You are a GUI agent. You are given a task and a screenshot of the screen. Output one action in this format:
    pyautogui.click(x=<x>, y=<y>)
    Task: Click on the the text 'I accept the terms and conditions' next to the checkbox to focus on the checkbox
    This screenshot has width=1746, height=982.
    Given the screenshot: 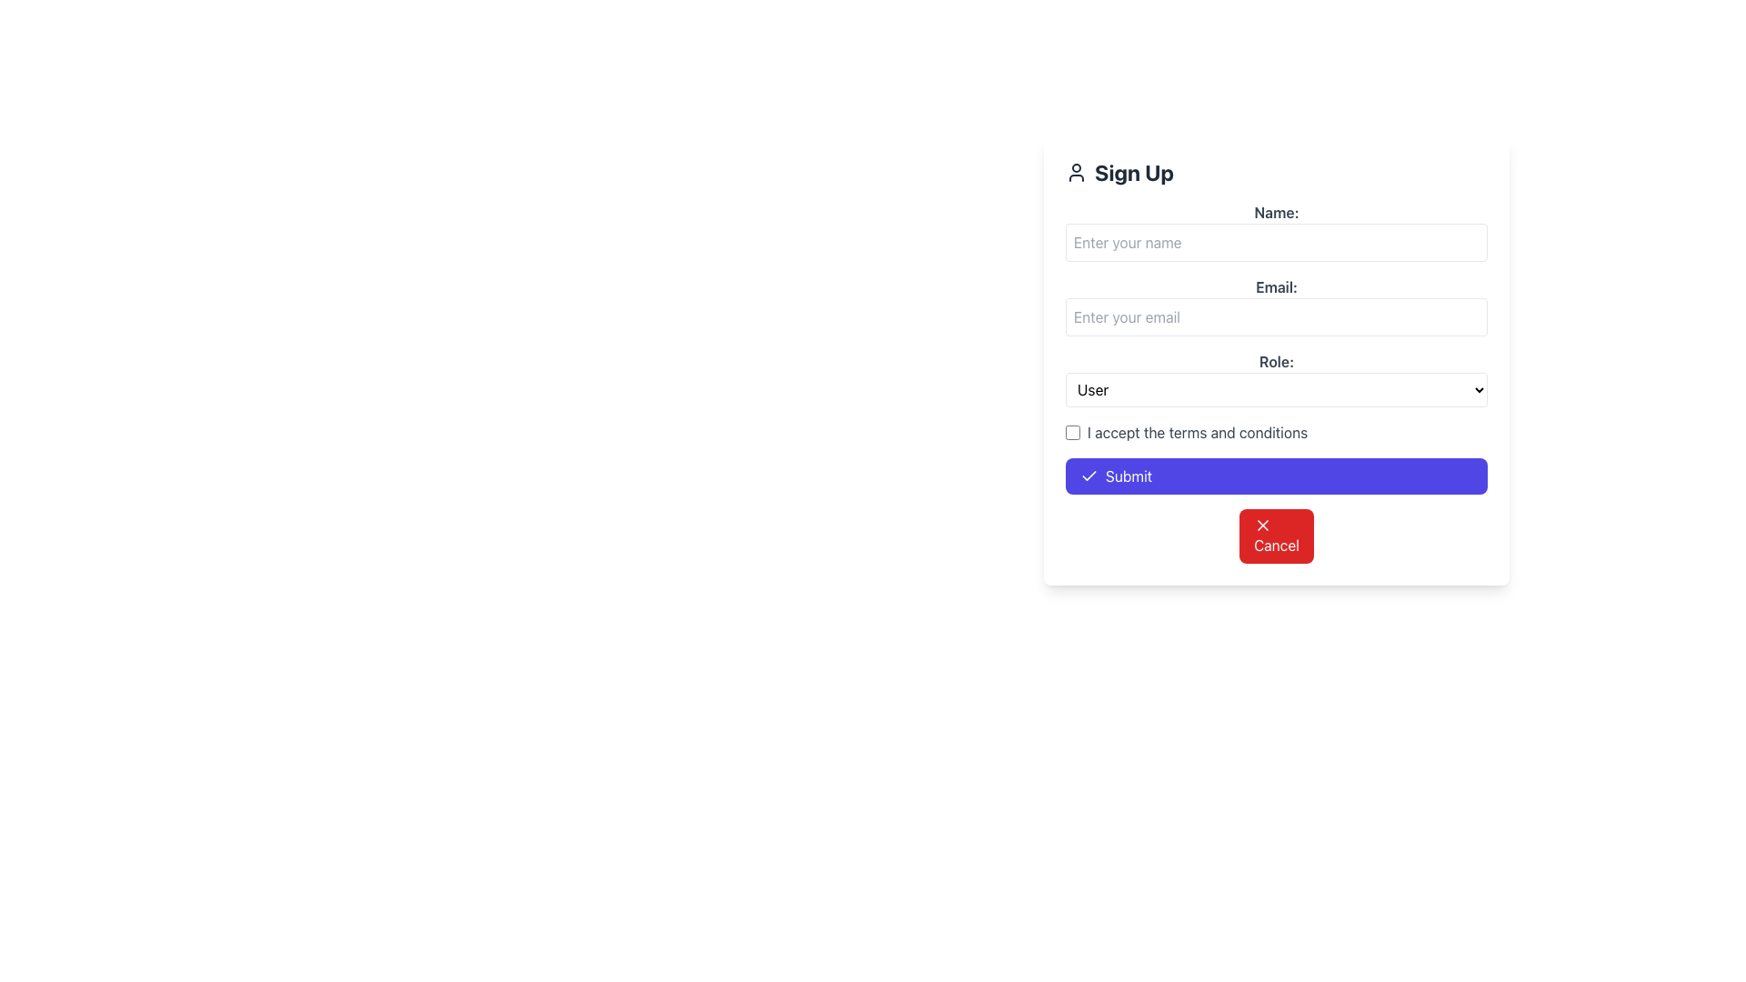 What is the action you would take?
    pyautogui.click(x=1275, y=432)
    